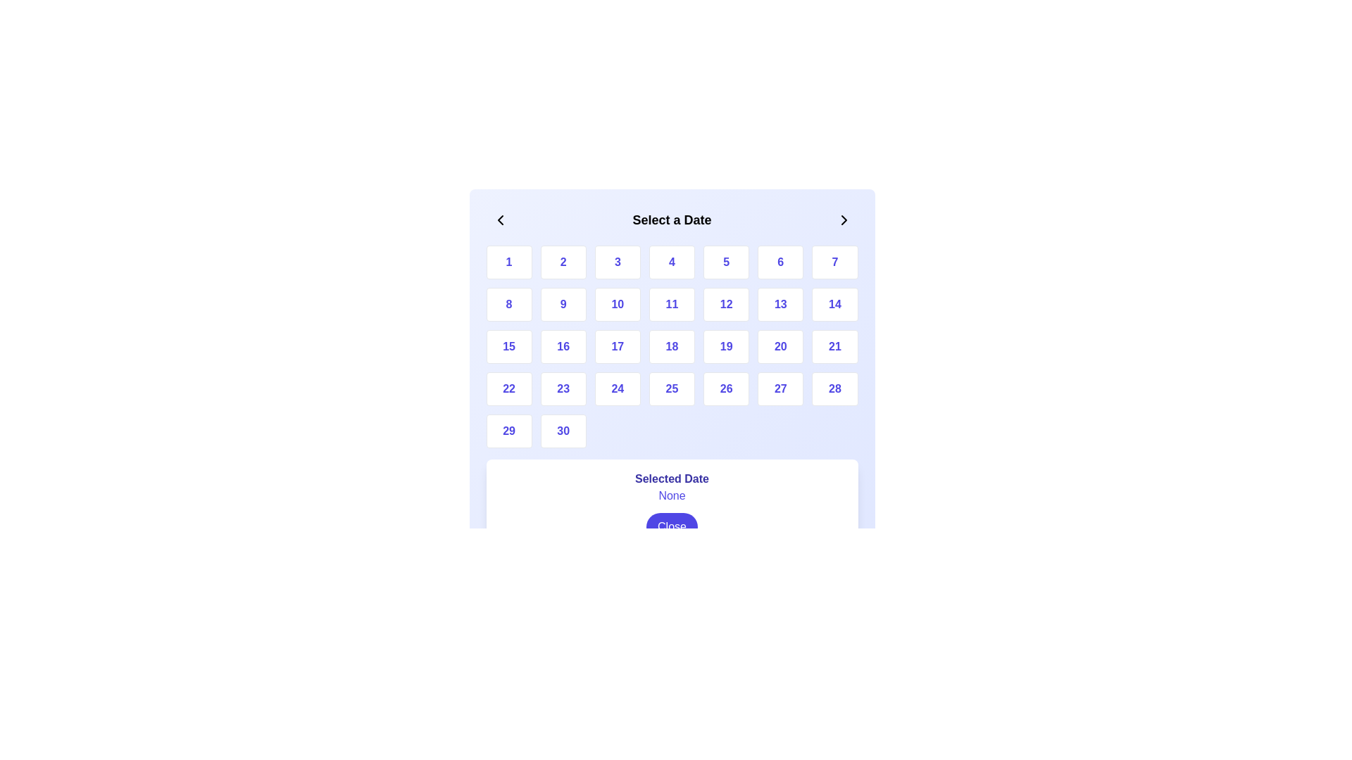 The height and width of the screenshot is (760, 1352). I want to click on the calendar date selector button that selects the date '9', located in the second row and second column of a 7-column grid, positioned between the '8' and '10' buttons, so click(563, 303).